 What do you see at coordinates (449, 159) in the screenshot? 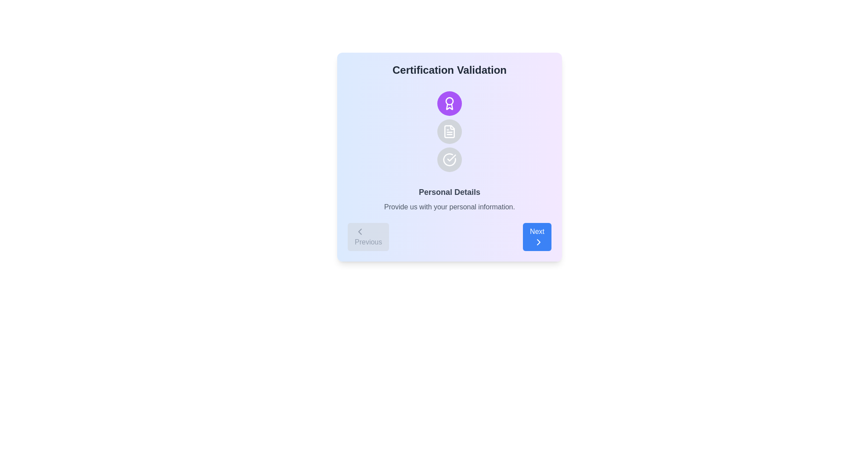
I see `the completion status icon located centrally within the circular area with a gray background, which is the third icon in a vertical sequence under 'Certification Validation'` at bounding box center [449, 159].